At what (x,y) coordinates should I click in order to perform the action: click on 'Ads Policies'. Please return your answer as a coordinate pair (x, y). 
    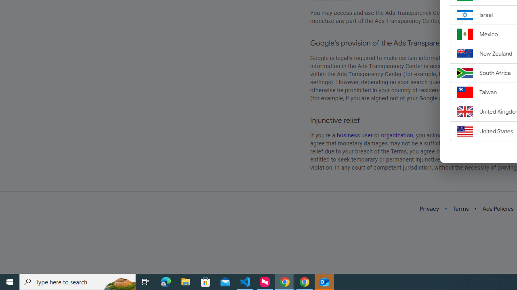
    Looking at the image, I should click on (498, 208).